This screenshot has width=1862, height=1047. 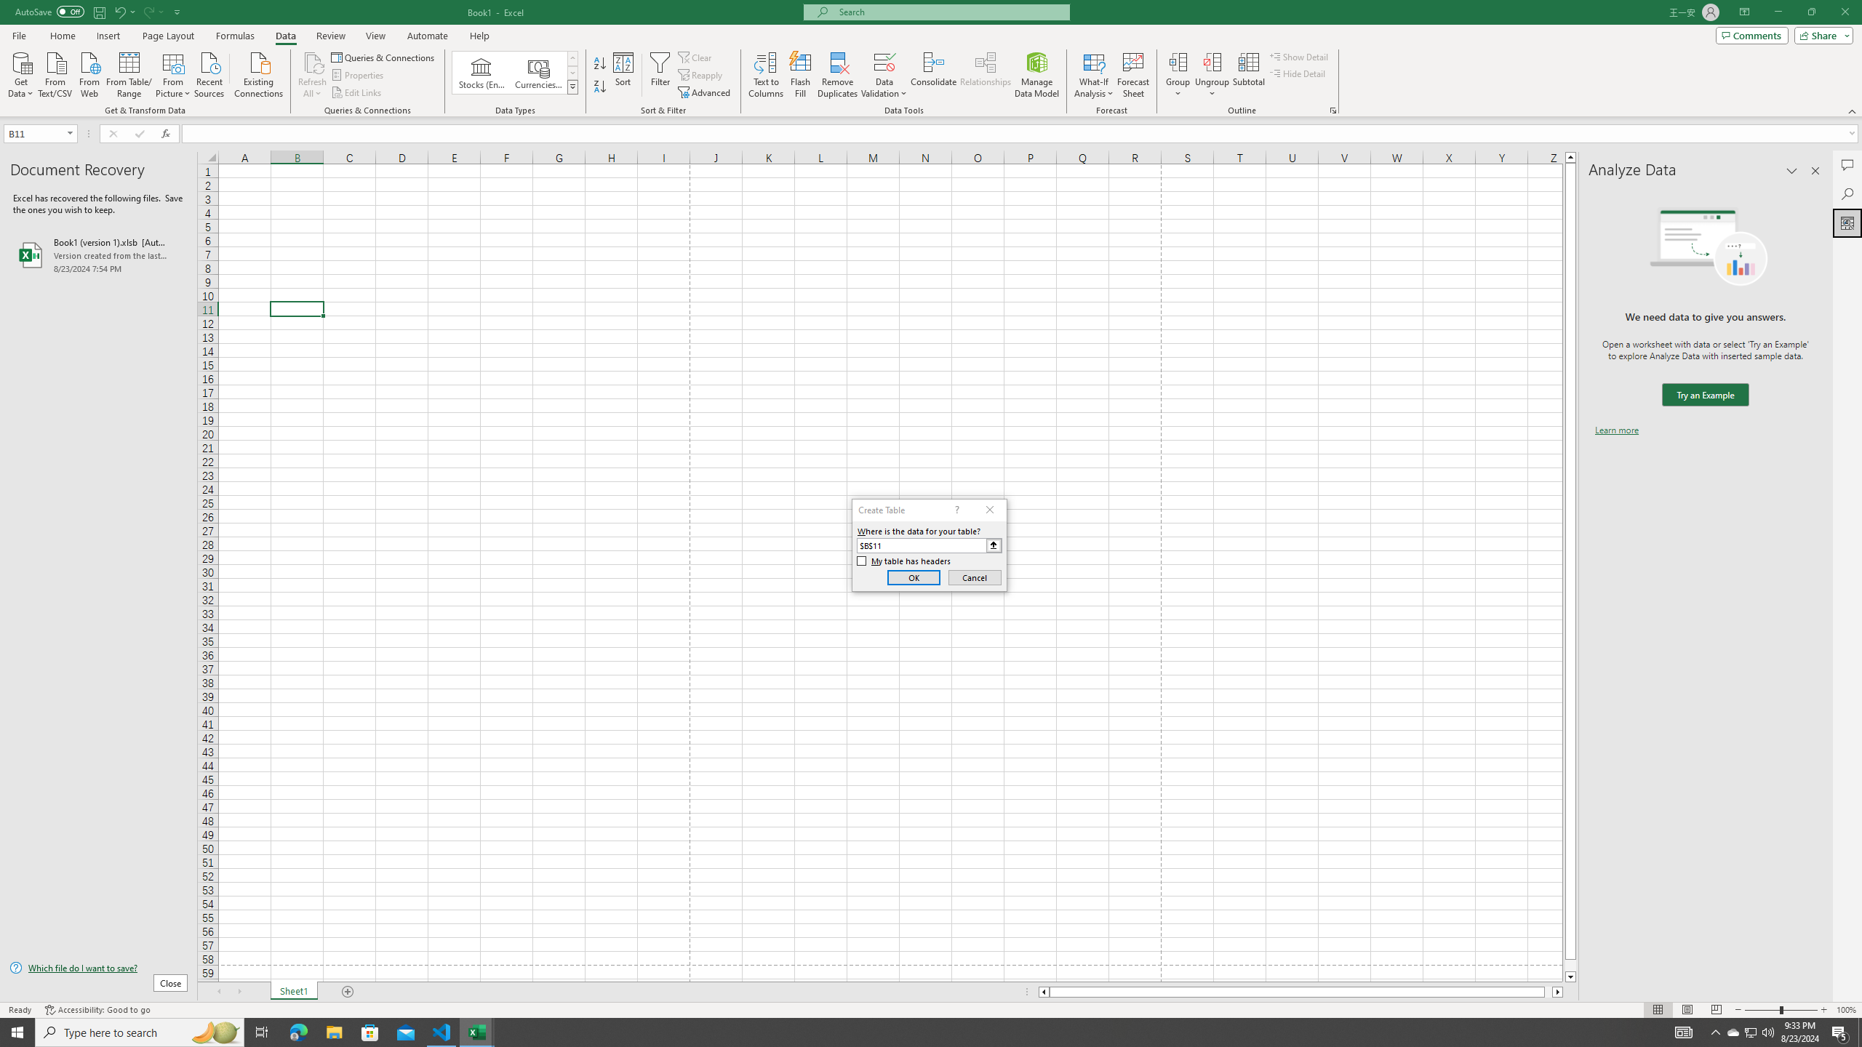 What do you see at coordinates (98, 11) in the screenshot?
I see `'Save'` at bounding box center [98, 11].